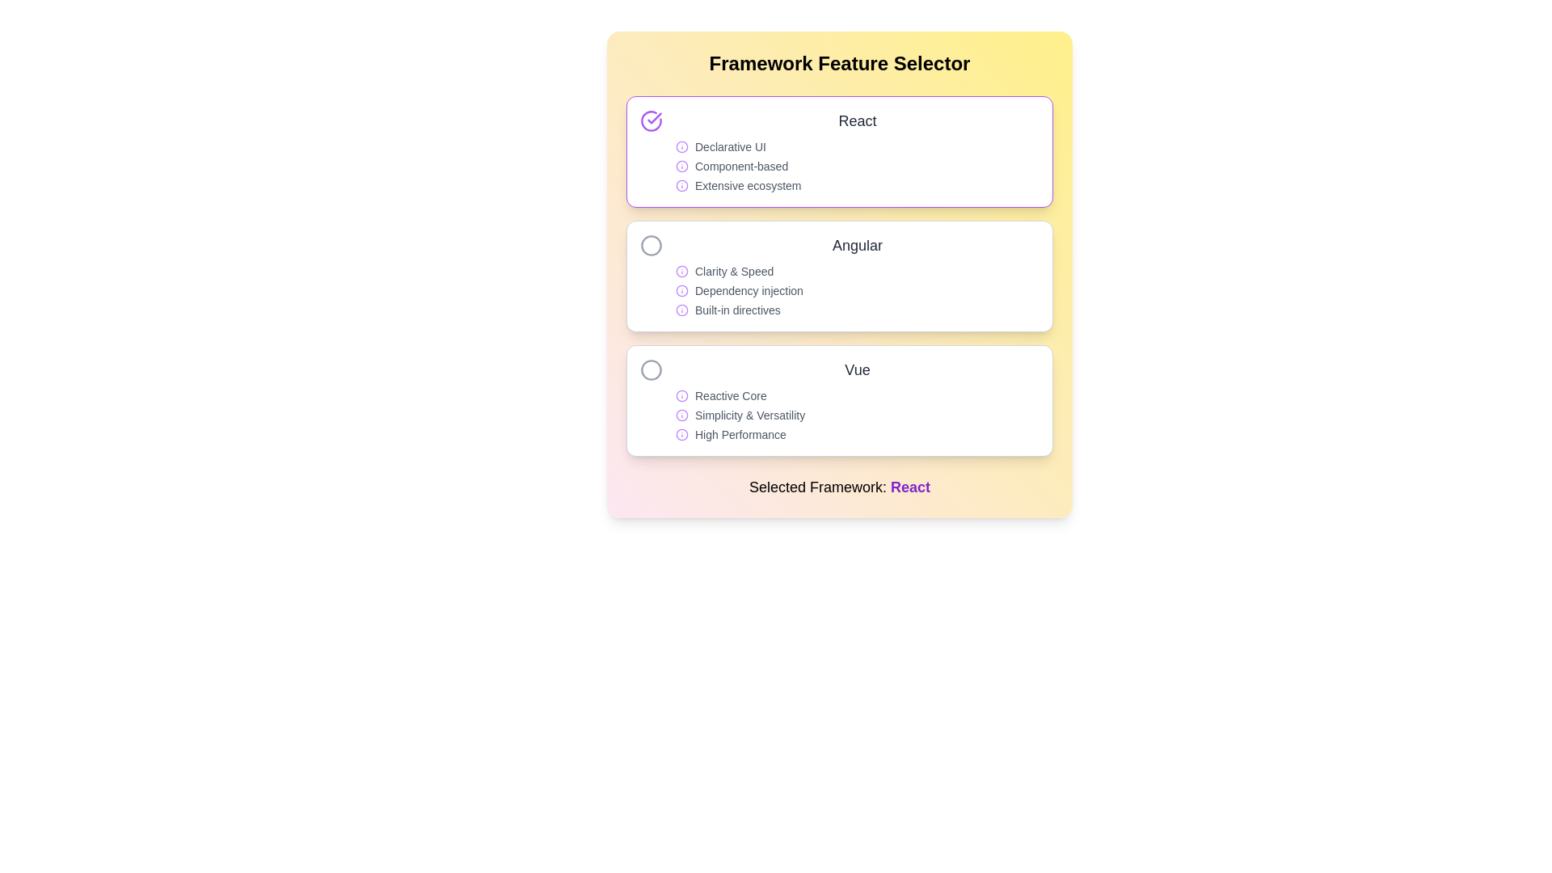 The height and width of the screenshot is (873, 1552). What do you see at coordinates (682, 146) in the screenshot?
I see `the icon located to the left of the 'Declarative UI' text in the 'React' feature group` at bounding box center [682, 146].